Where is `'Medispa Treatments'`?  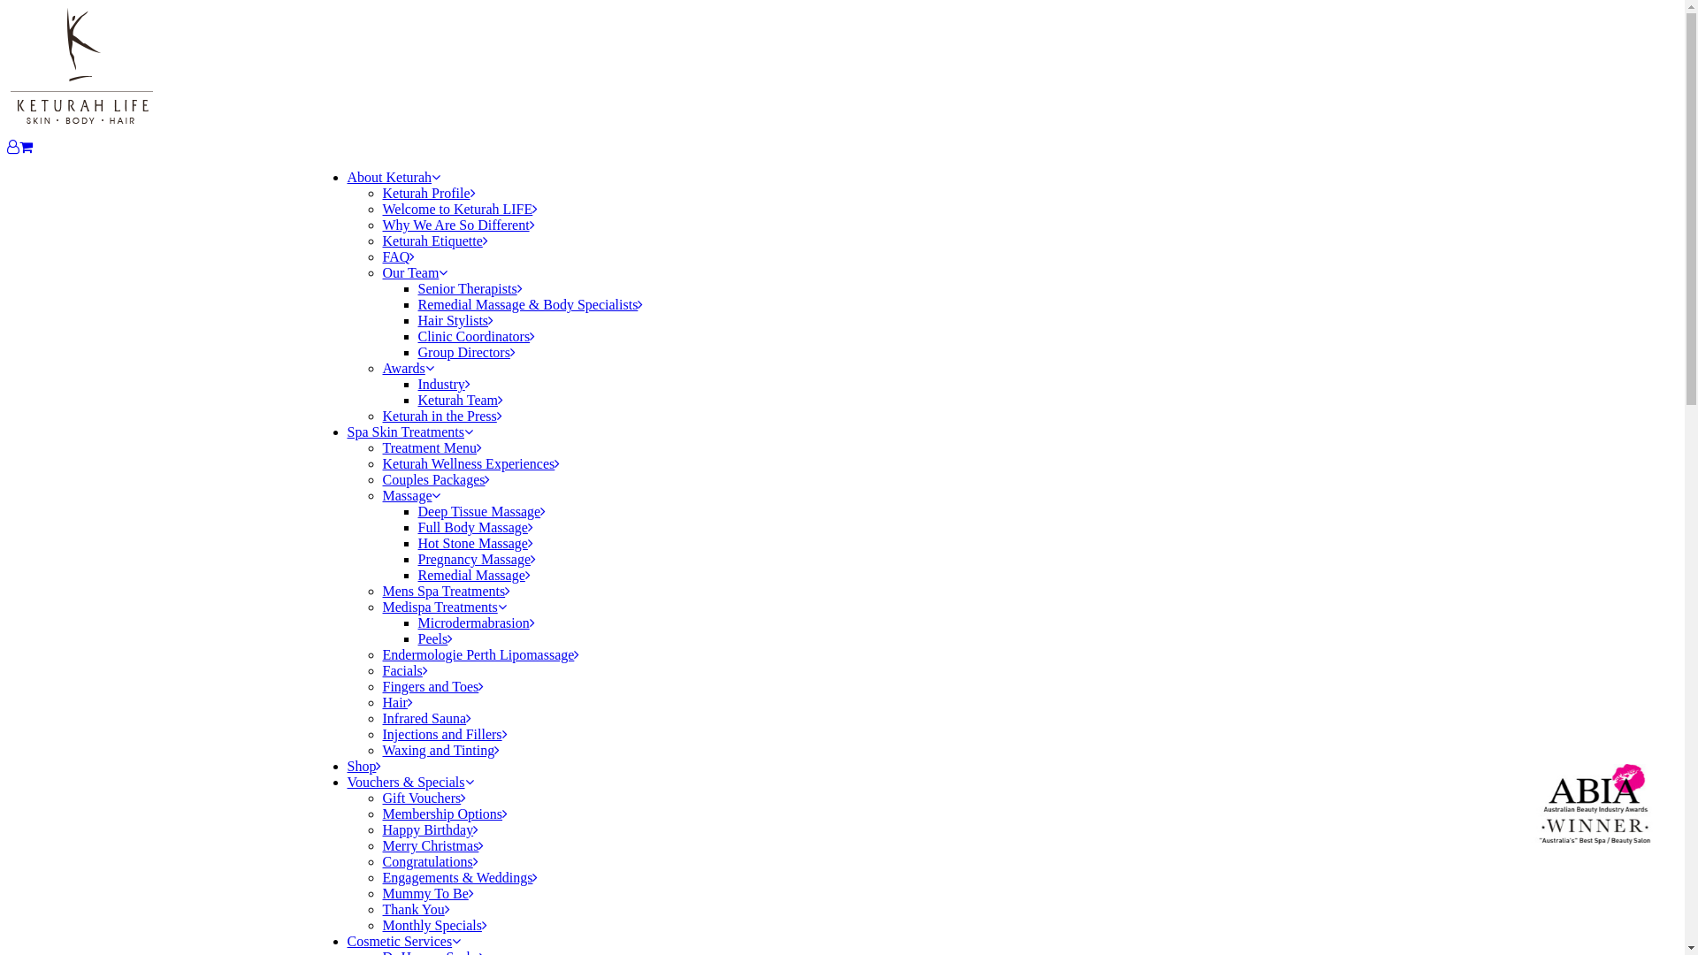 'Medispa Treatments' is located at coordinates (444, 606).